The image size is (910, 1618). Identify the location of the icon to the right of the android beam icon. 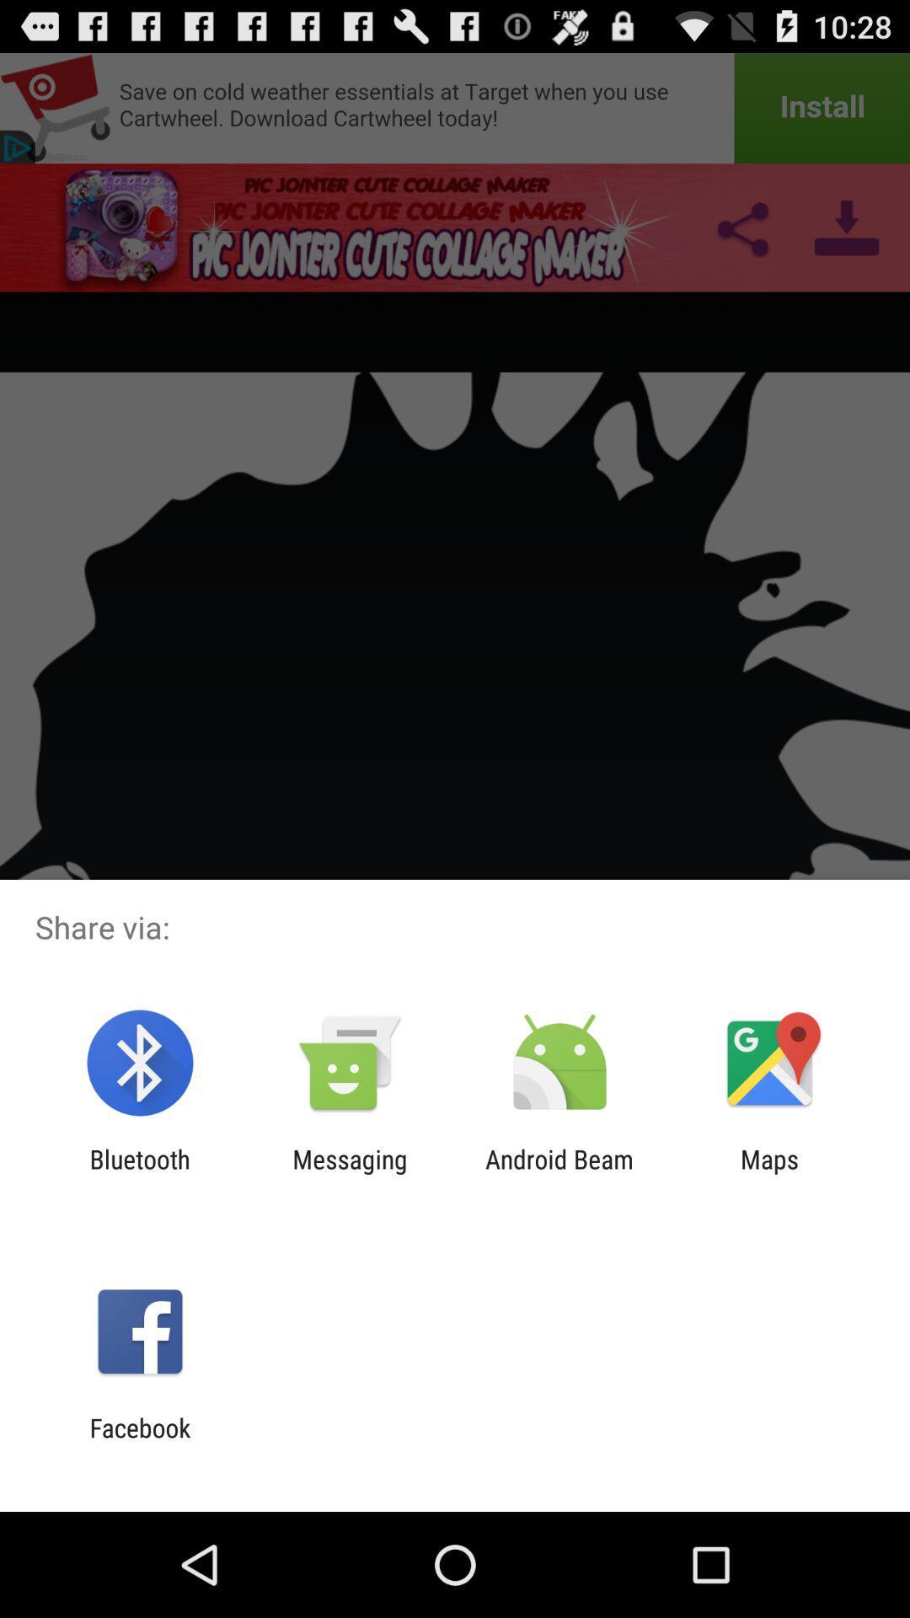
(769, 1173).